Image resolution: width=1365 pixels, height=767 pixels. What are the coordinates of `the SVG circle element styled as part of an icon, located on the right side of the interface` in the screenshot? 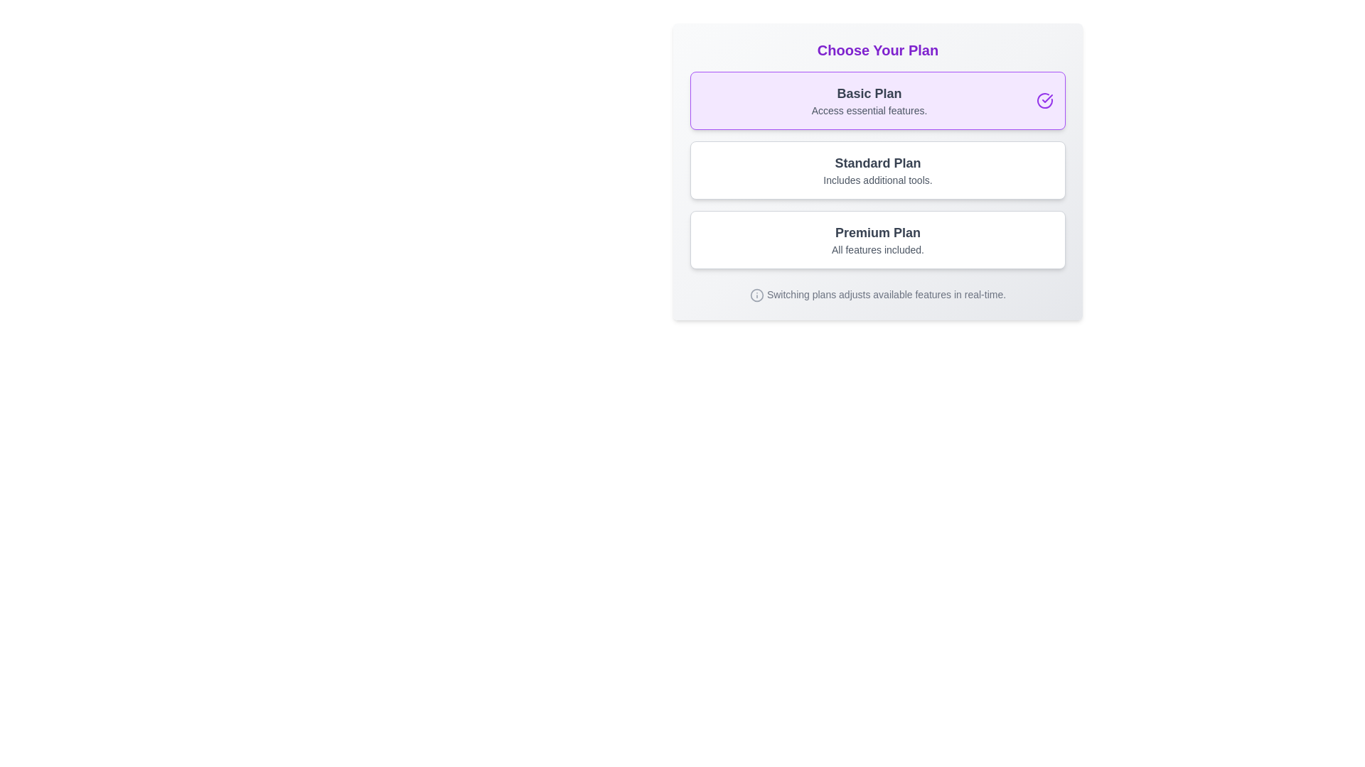 It's located at (756, 294).